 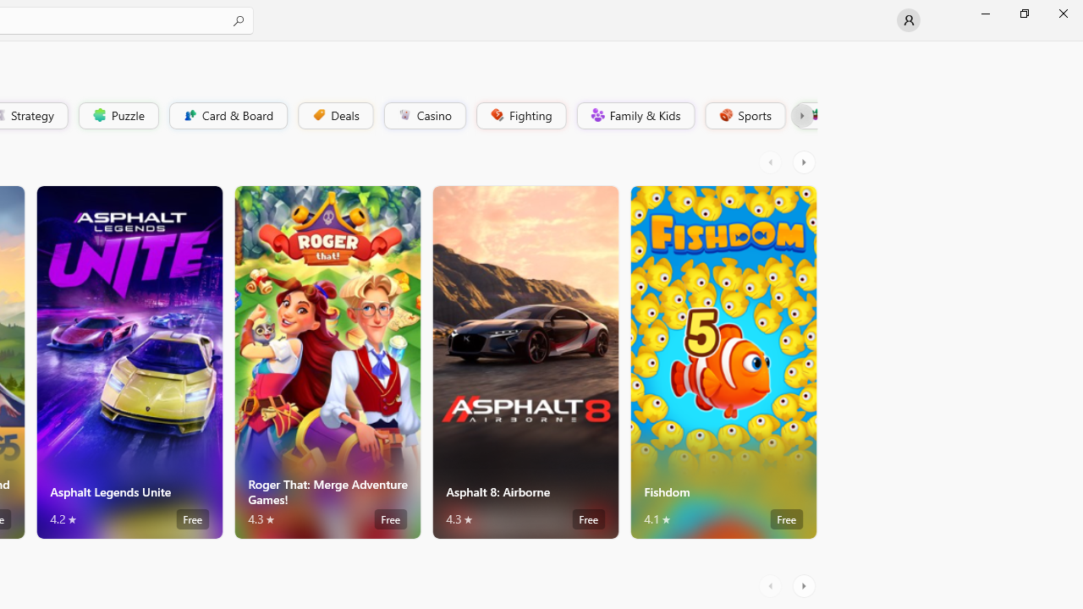 I want to click on 'AutomationID: LeftScrollButton', so click(x=772, y=585).